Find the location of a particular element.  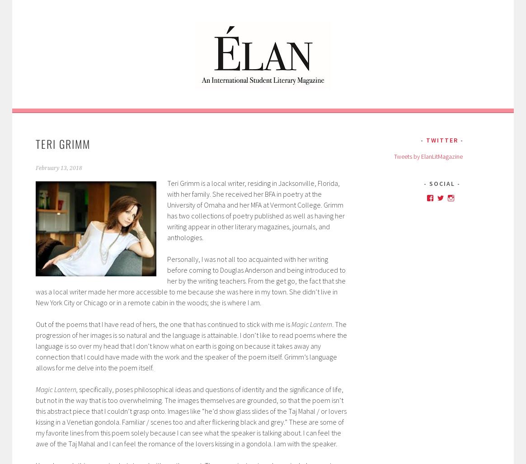

'Magic Lantern,' is located at coordinates (56, 388).